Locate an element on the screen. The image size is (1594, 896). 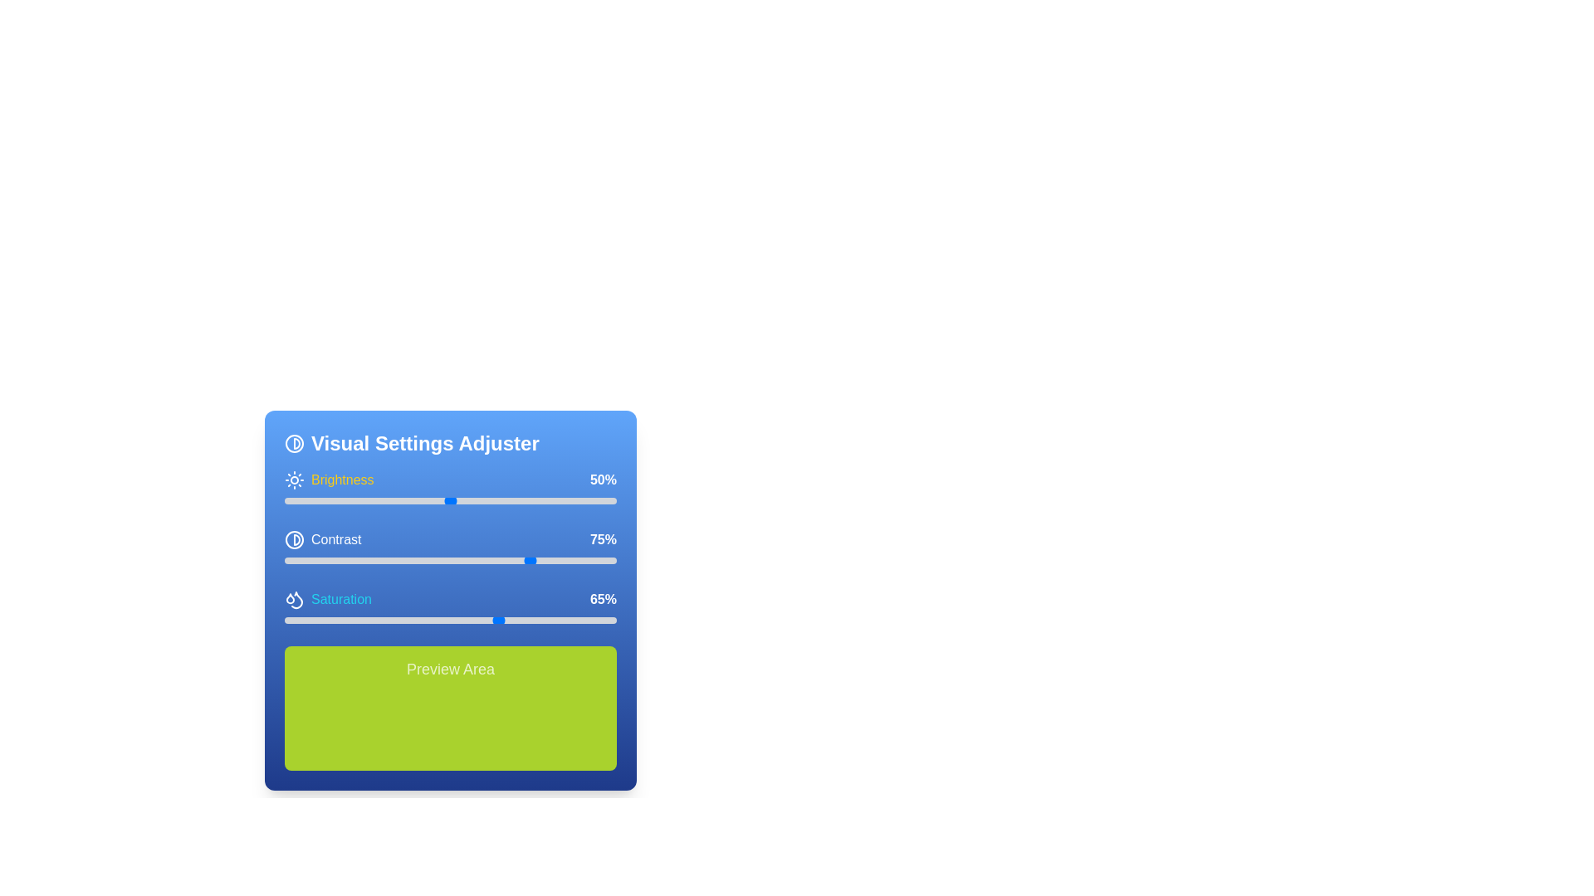
the brightness level is located at coordinates (321, 500).